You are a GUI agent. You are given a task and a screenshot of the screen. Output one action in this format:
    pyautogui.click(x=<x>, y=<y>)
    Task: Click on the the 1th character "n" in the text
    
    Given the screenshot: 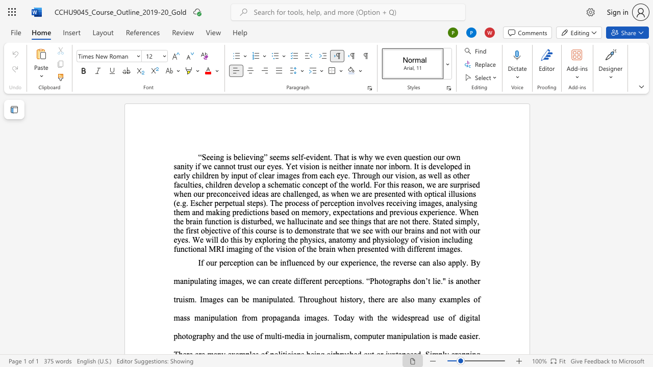 What is the action you would take?
    pyautogui.click(x=361, y=203)
    